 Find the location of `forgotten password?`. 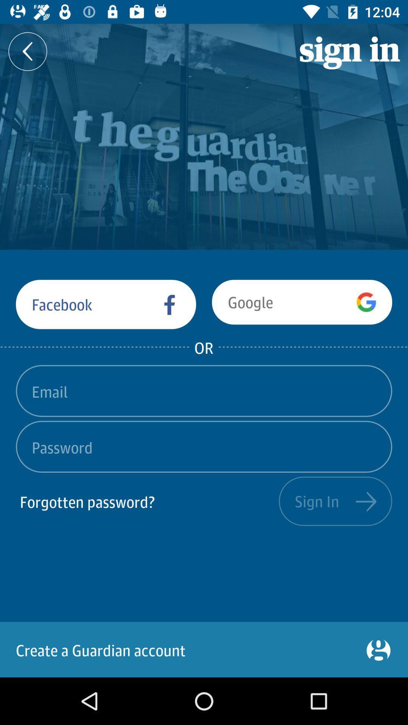

forgotten password? is located at coordinates (147, 501).